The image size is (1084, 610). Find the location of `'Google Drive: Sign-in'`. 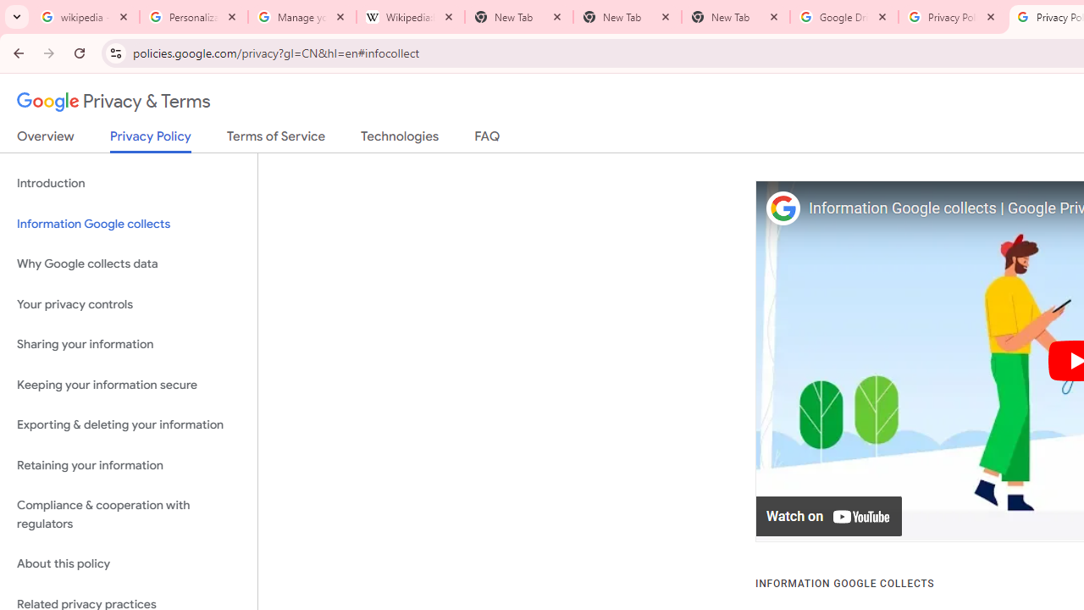

'Google Drive: Sign-in' is located at coordinates (844, 17).